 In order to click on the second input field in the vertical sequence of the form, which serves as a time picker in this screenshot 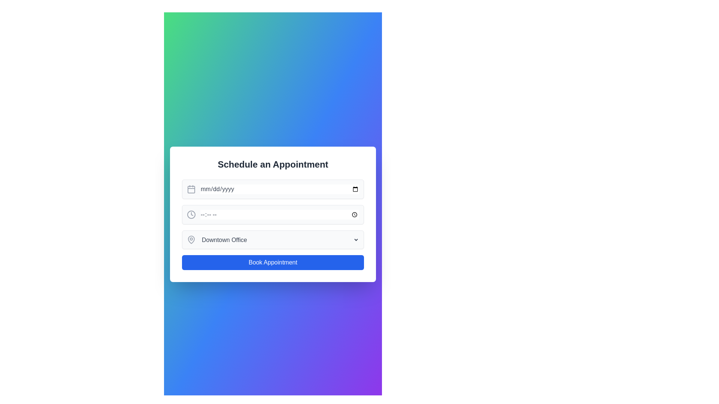, I will do `click(273, 215)`.